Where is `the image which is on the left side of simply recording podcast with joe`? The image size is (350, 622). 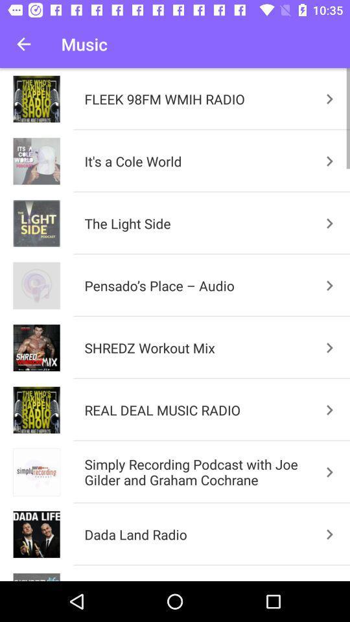 the image which is on the left side of simply recording podcast with joe is located at coordinates (36, 472).